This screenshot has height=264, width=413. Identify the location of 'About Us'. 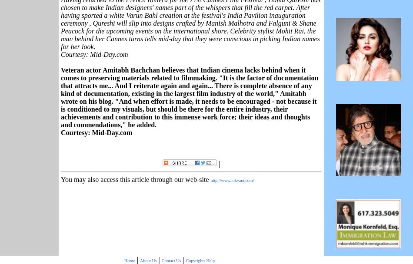
(139, 260).